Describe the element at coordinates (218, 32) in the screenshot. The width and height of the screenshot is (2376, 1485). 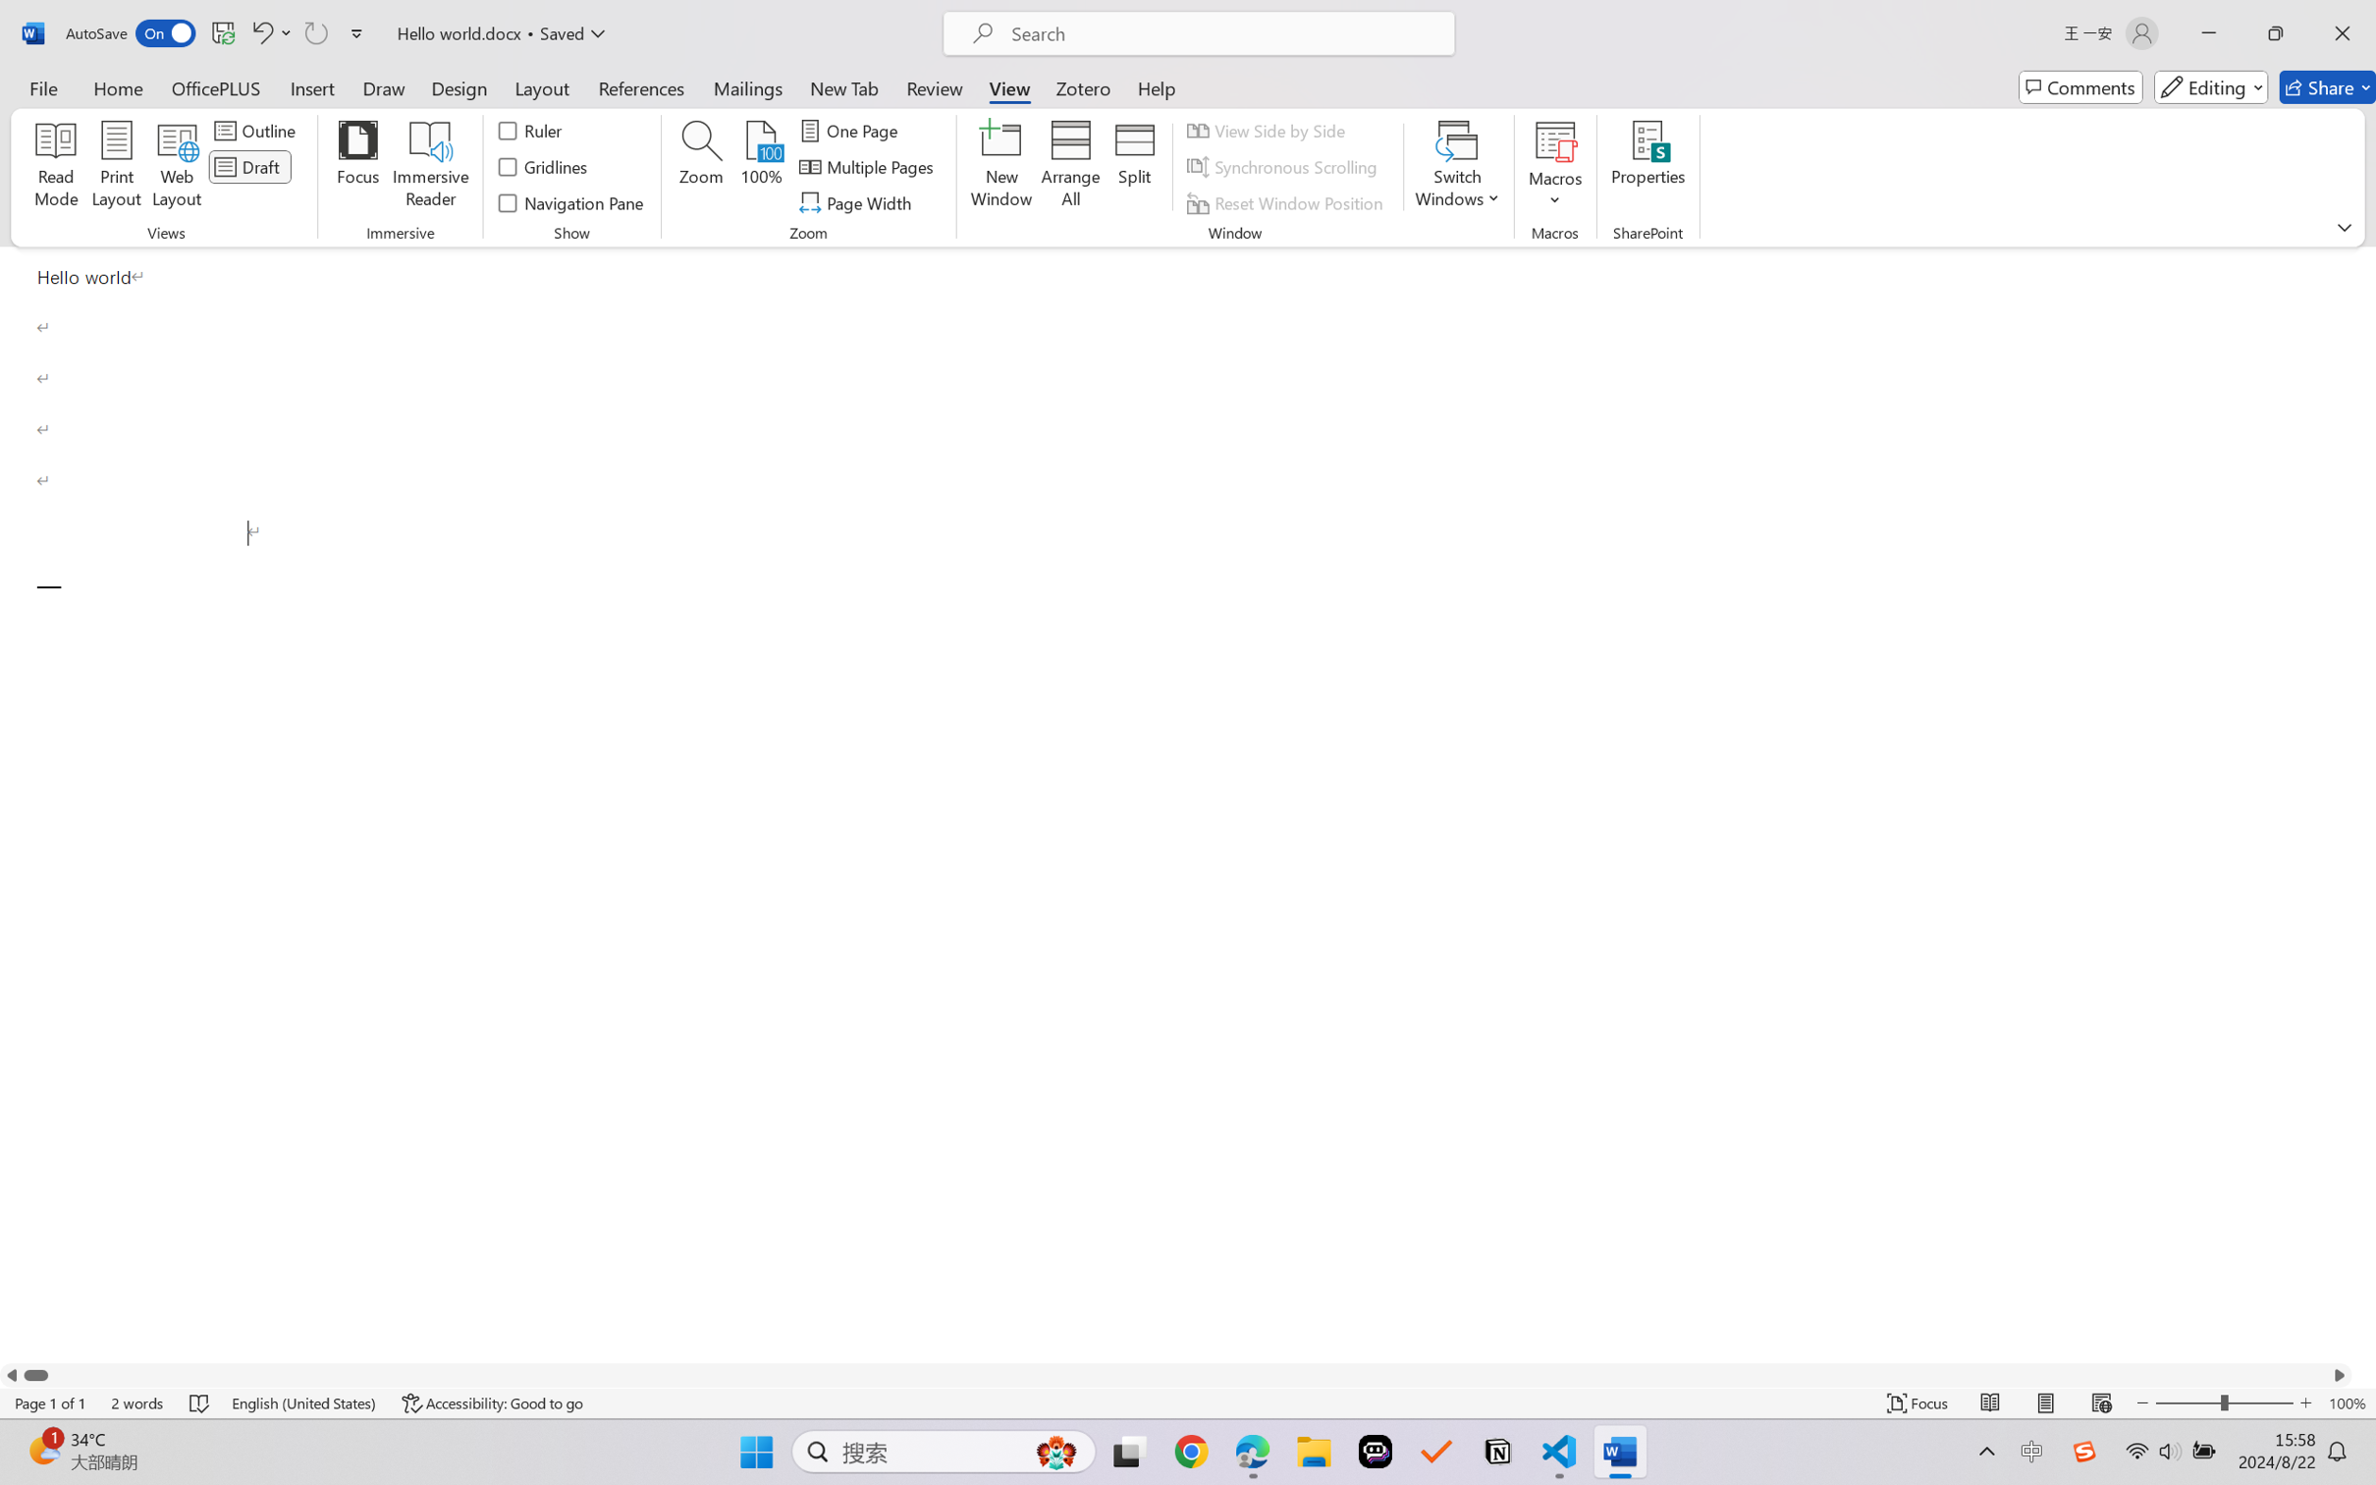
I see `'Quick Access Toolbar'` at that location.